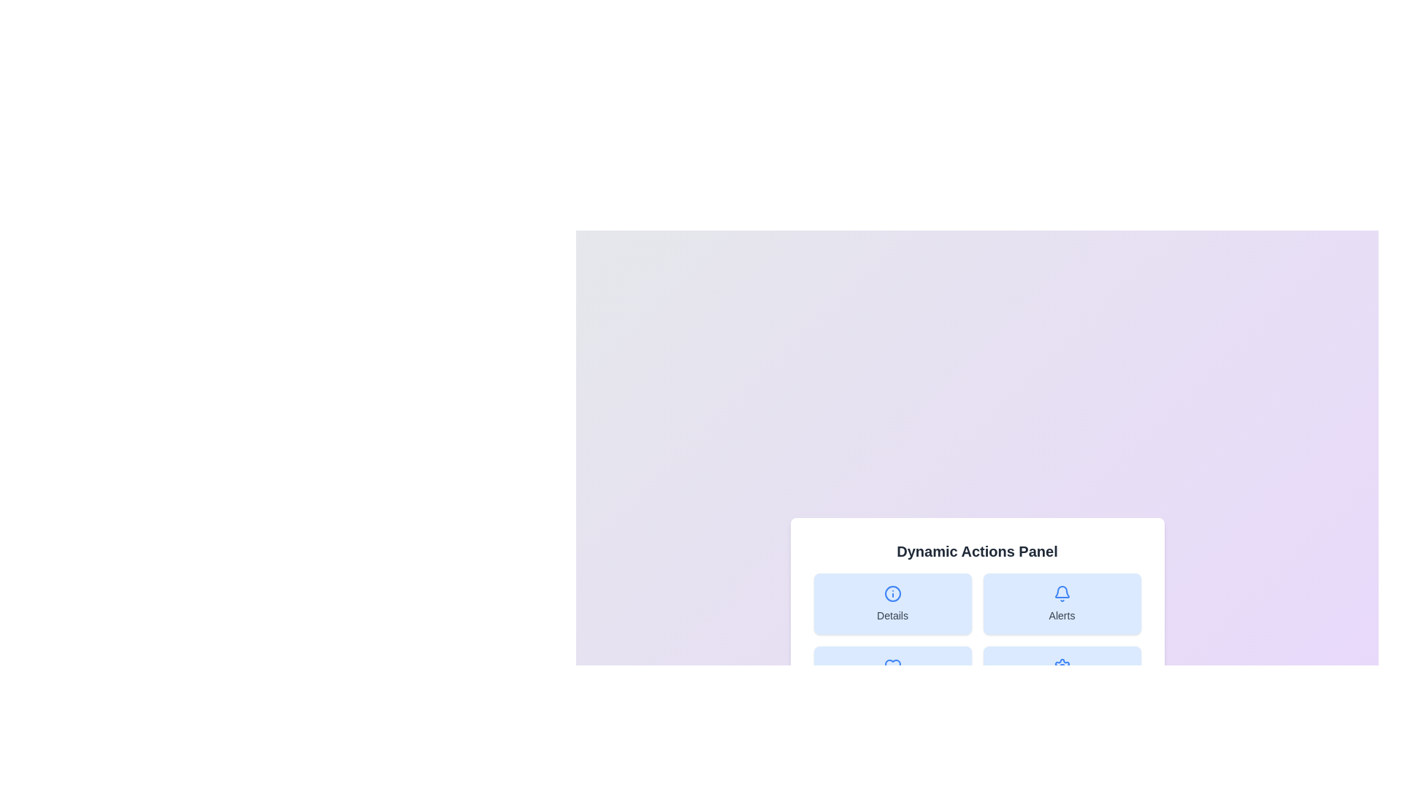  I want to click on the circular icon element that is part of an SVG graphic, centrally positioned within an information symbol on the interactive interface panel, so click(892, 593).